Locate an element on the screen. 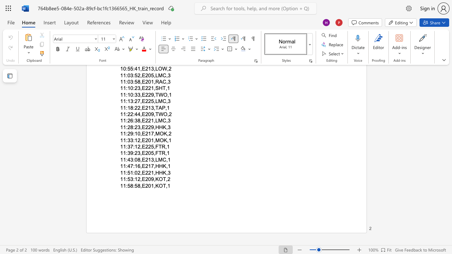 The height and width of the screenshot is (254, 452). the subset text "T,1" within the text "11:58:58,E201,KOT,1" is located at coordinates (162, 185).